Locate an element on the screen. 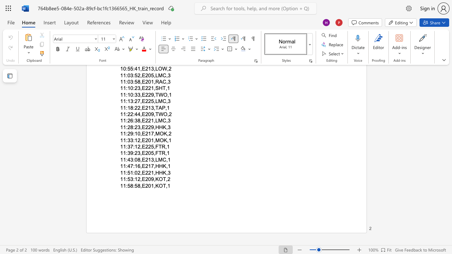 The height and width of the screenshot is (254, 452). the subset text "T,1" within the text "11:58:58,E201,KOT,1" is located at coordinates (162, 185).